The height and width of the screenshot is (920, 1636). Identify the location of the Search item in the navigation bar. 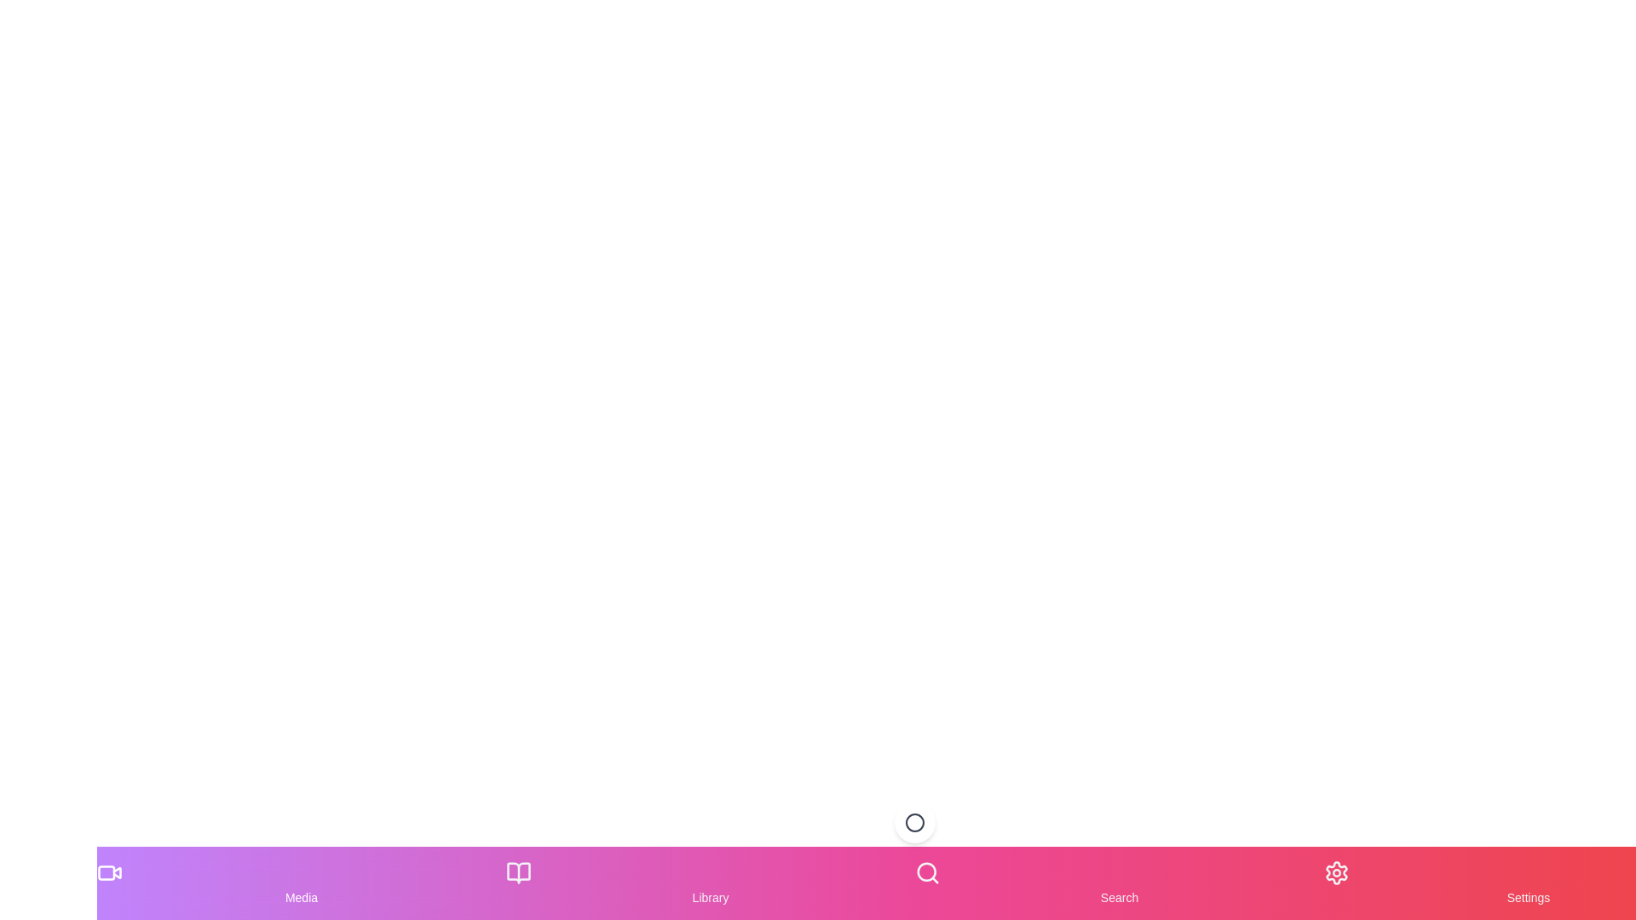
(1120, 883).